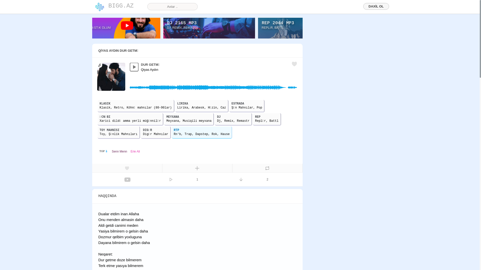 This screenshot has height=270, width=481. Describe the element at coordinates (267, 179) in the screenshot. I see `'2'` at that location.